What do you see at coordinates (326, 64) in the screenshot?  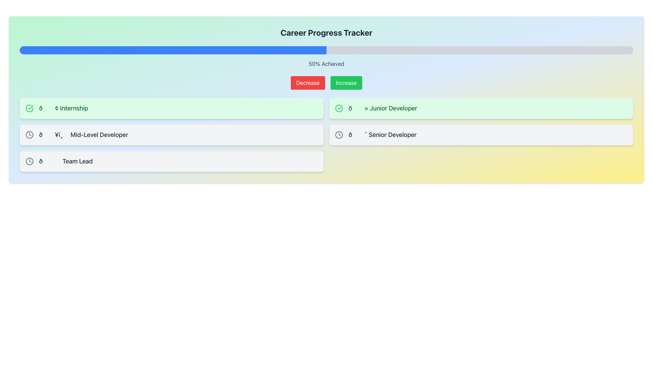 I see `the centered text block containing the phrase '50% Achieved', which is styled with a gray font and positioned within a colored gradient background` at bounding box center [326, 64].